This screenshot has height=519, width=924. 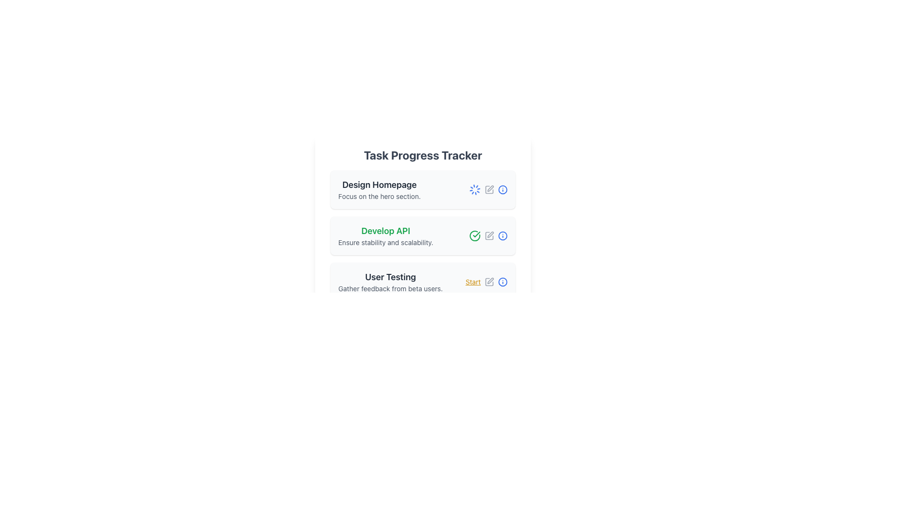 I want to click on the interactive icon located within the 'Develop API' task entry, so click(x=490, y=188).